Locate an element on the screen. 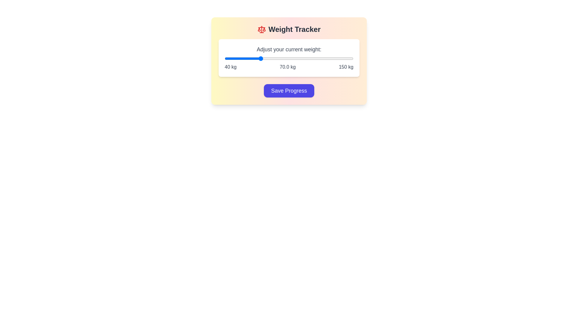 The width and height of the screenshot is (583, 328). the weight slider to 43 kg is located at coordinates (228, 58).